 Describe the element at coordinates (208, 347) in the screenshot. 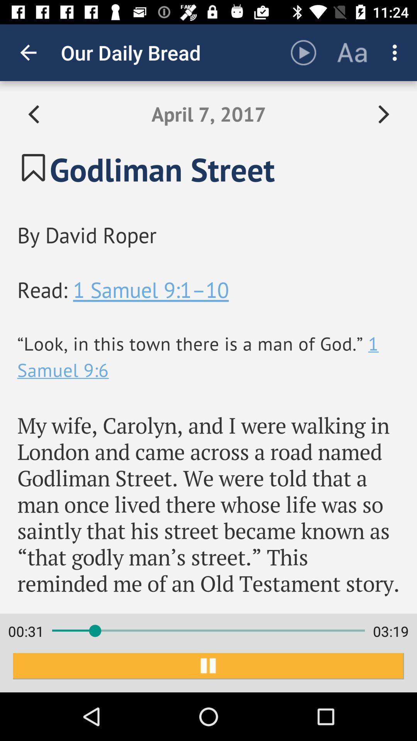

I see `the item above 00:32` at that location.